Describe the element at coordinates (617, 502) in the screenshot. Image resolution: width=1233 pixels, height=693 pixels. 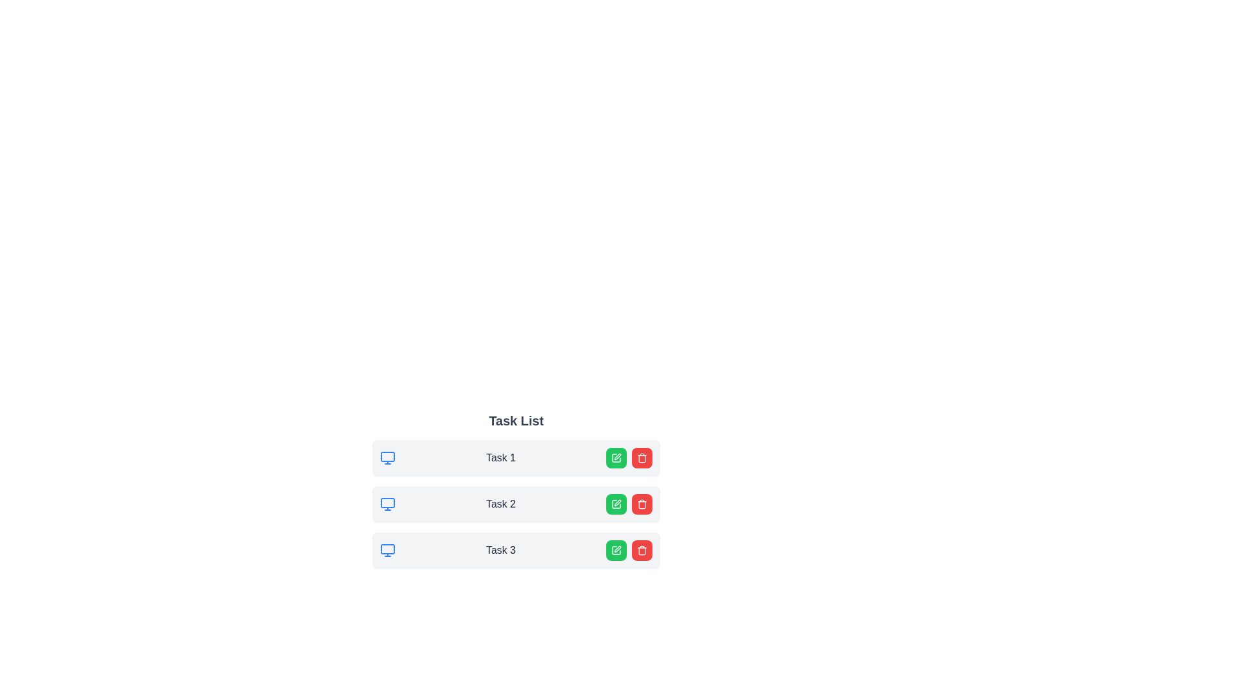
I see `the edit icon button located inside the larger square outline at the upper right of the second task in the list to initiate the edit action` at that location.